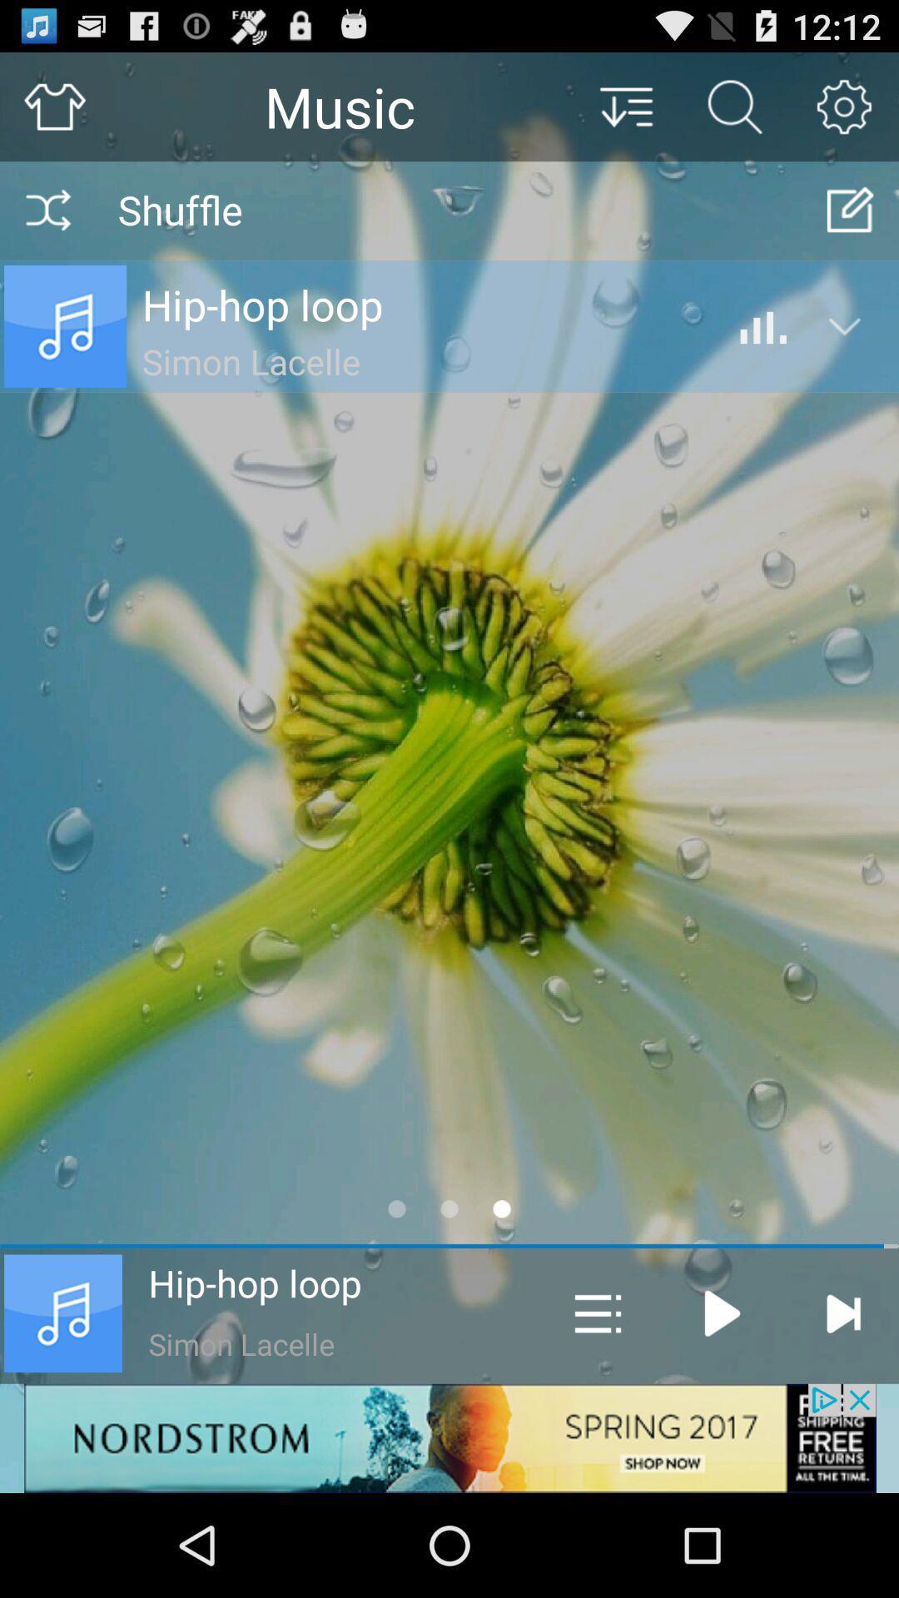 This screenshot has width=899, height=1598. Describe the element at coordinates (844, 113) in the screenshot. I see `the settings icon` at that location.